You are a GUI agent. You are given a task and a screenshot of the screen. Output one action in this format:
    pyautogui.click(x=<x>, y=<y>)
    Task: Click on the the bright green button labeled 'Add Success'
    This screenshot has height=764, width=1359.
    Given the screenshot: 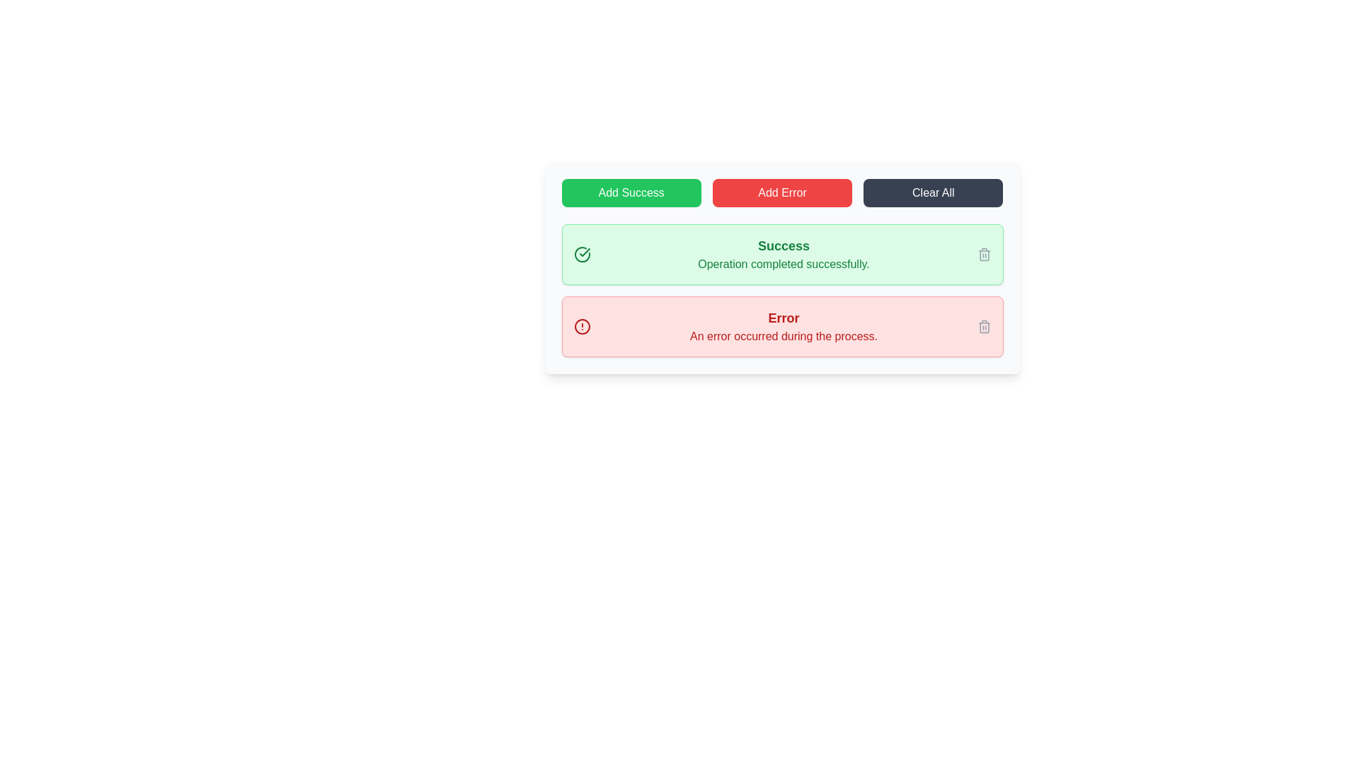 What is the action you would take?
    pyautogui.click(x=631, y=193)
    